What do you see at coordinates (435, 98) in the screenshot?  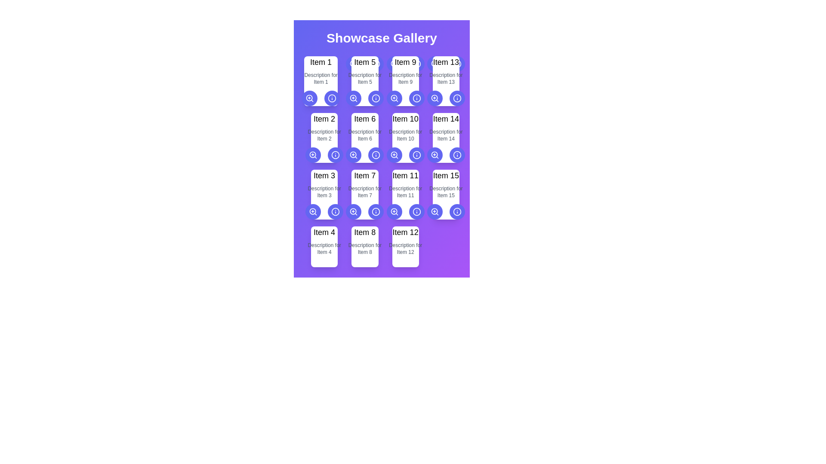 I see `the circular icon containing a magnifying glass with a '+' sign inside it, which represents a zoom-in action` at bounding box center [435, 98].